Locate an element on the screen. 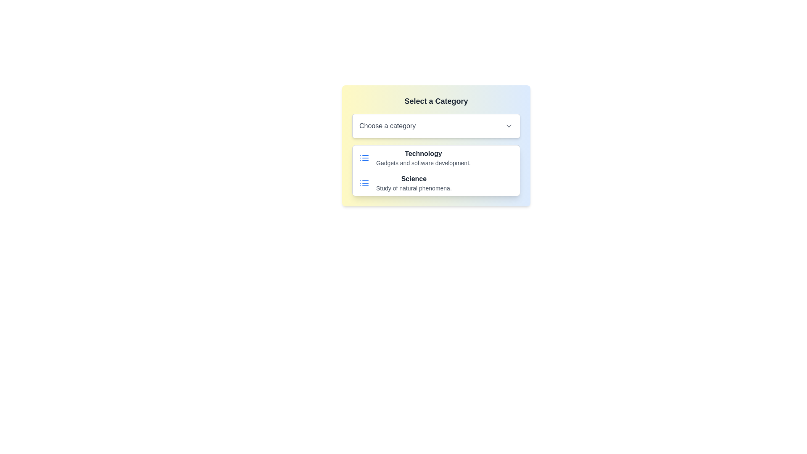 This screenshot has width=807, height=454. the placeholder text in the dropdown menu that prompts users to select a category, which is centered horizontally and vertically aligned with the chevron icon is located at coordinates (387, 126).